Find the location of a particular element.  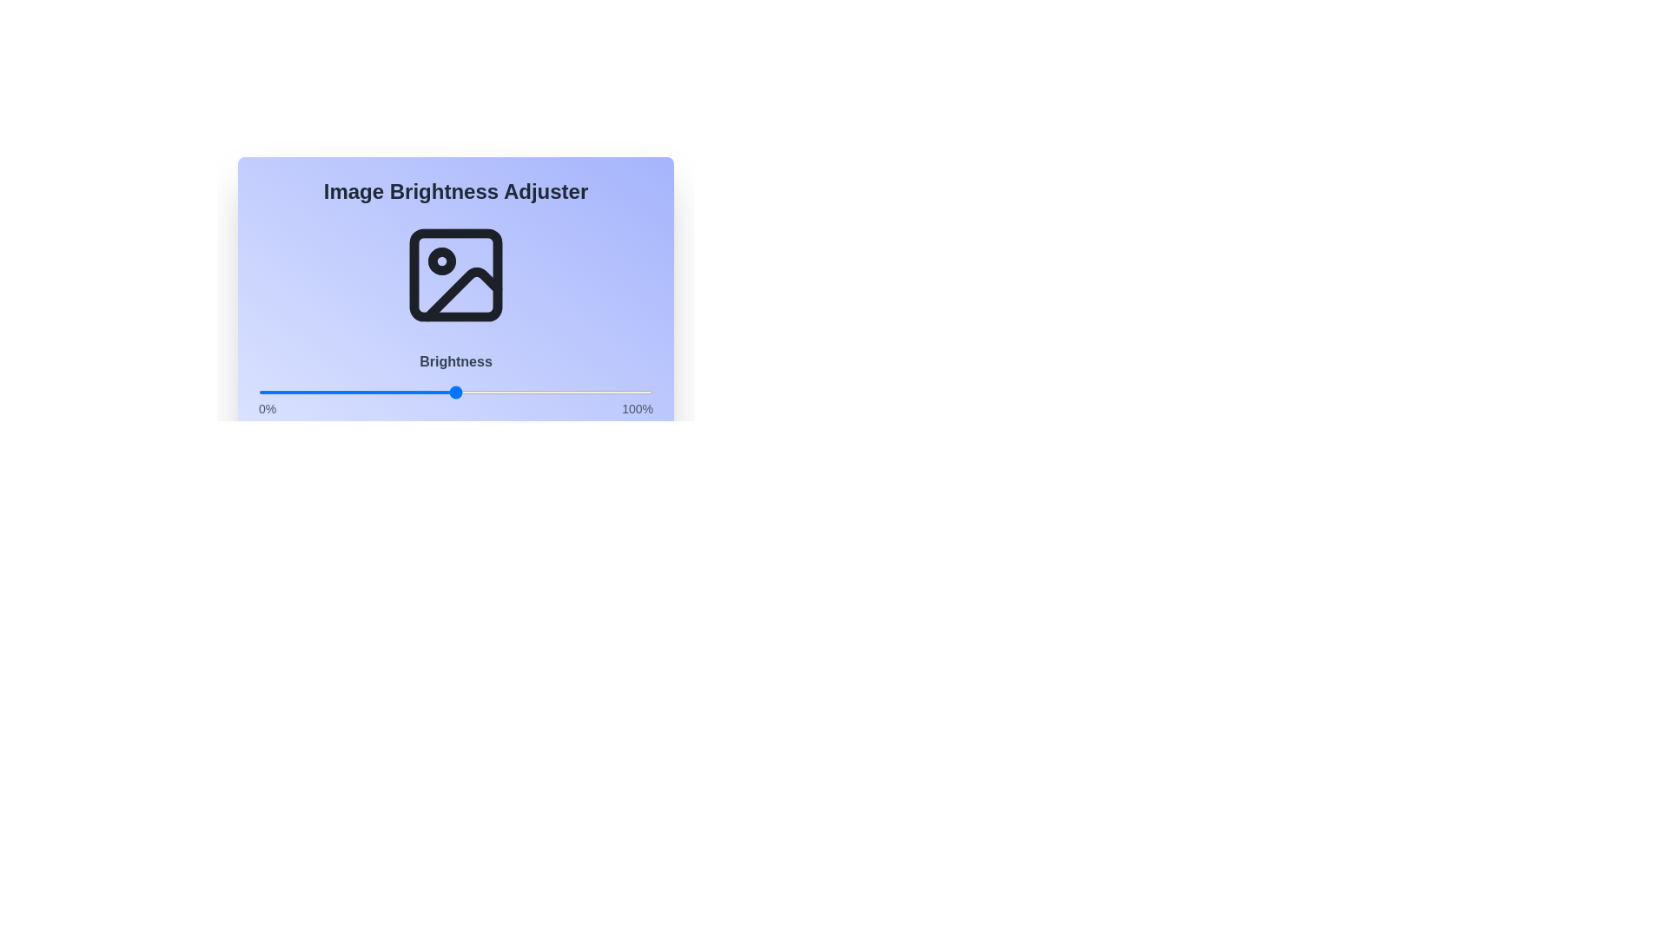

the brightness slider to 31% is located at coordinates (380, 392).